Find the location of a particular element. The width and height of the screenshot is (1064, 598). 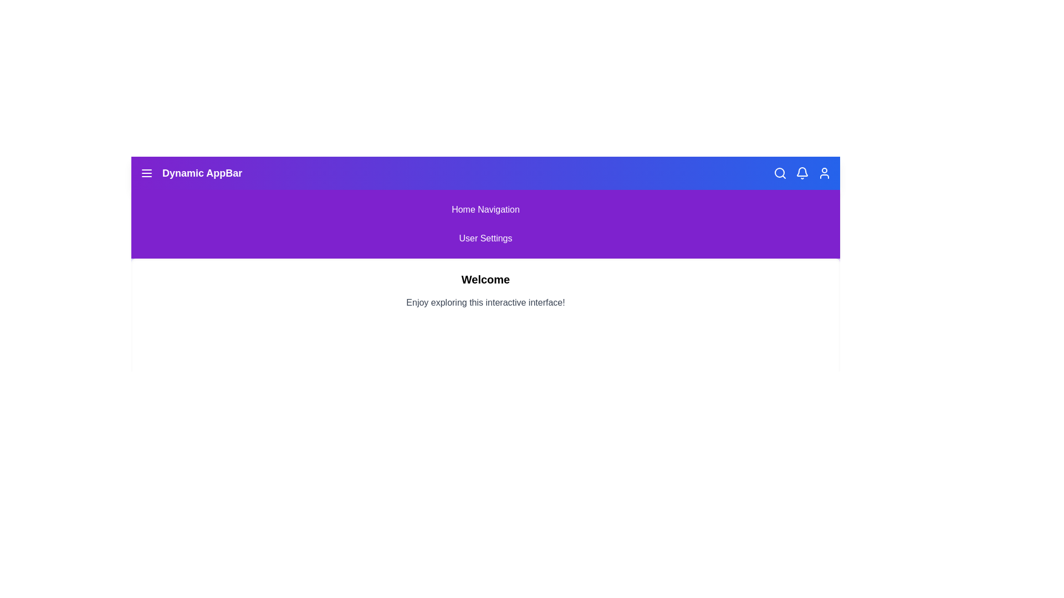

the 'Notification' icon in the navigation bar is located at coordinates (802, 173).